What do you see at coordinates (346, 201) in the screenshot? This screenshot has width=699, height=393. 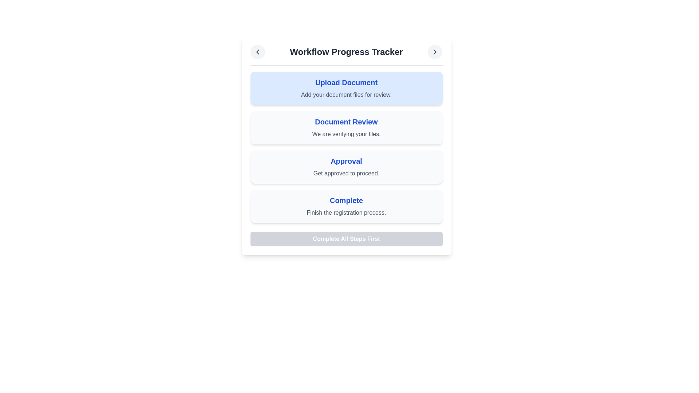 I see `the Text Label that serves as a title indicating the completion of a step in the workflow process, which is positioned at the top of a rectangular panel with rounded corners and a light gray background` at bounding box center [346, 201].